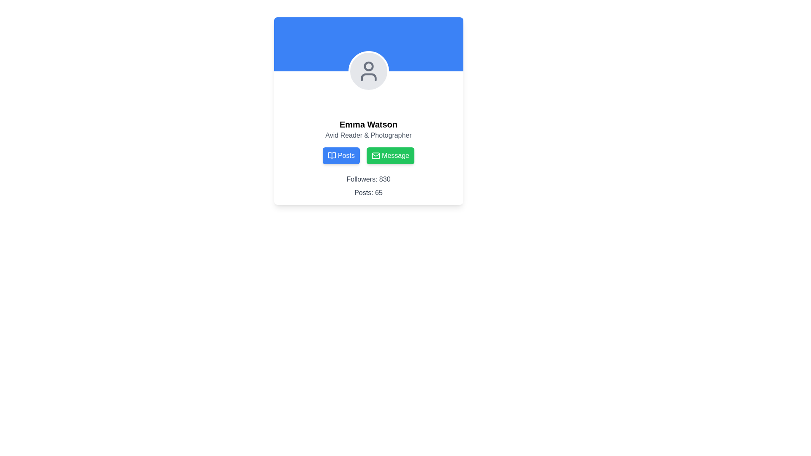 Image resolution: width=811 pixels, height=456 pixels. Describe the element at coordinates (332, 156) in the screenshot. I see `the 'Posts' button, which is the leftmost button with a blue background and rounded corners located below the user's name and title in the profile section` at that location.